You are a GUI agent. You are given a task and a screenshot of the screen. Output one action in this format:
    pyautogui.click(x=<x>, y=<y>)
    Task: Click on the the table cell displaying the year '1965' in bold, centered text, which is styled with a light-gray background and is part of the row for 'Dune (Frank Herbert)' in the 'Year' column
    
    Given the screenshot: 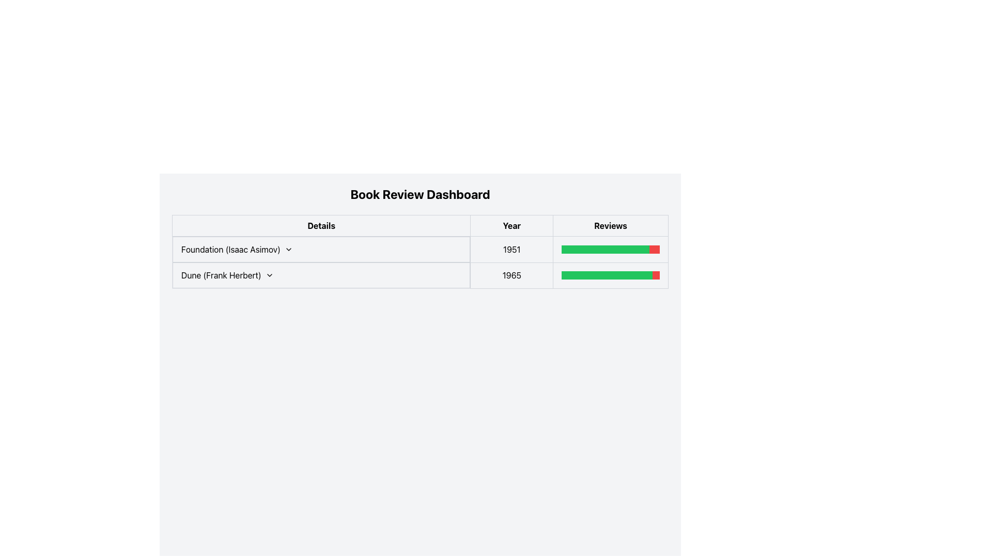 What is the action you would take?
    pyautogui.click(x=512, y=275)
    